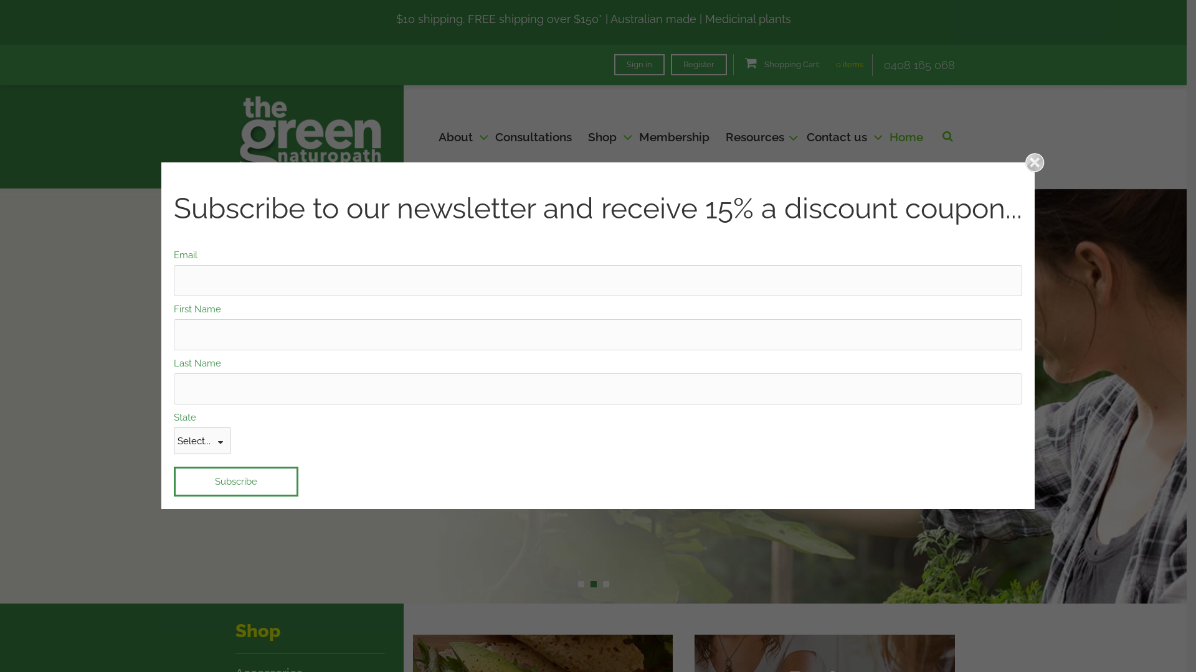 This screenshot has height=672, width=1196. I want to click on '0408 165 068', so click(919, 64).